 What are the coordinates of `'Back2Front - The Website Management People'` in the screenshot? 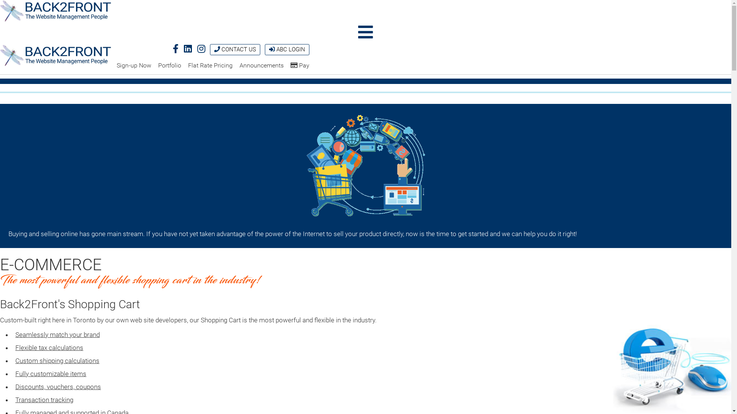 It's located at (55, 11).